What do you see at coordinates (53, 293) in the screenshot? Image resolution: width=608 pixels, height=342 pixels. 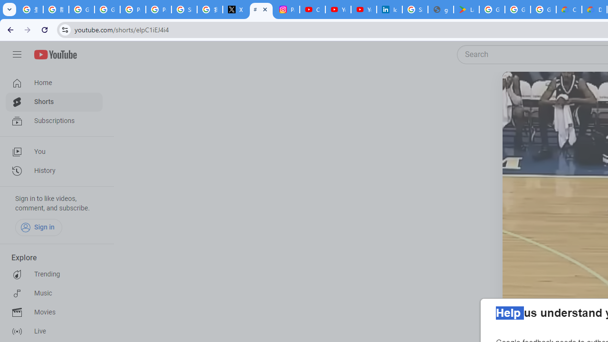 I see `'Music'` at bounding box center [53, 293].